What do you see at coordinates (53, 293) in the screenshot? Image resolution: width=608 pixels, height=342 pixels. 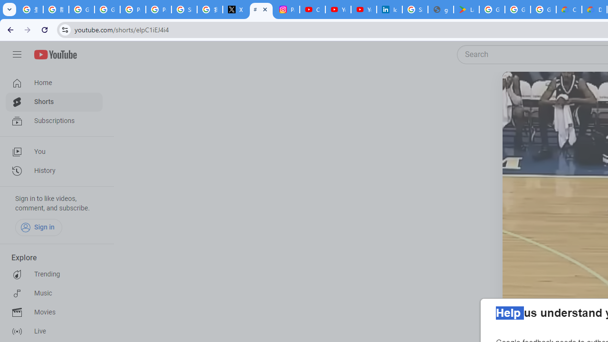 I see `'Music'` at bounding box center [53, 293].